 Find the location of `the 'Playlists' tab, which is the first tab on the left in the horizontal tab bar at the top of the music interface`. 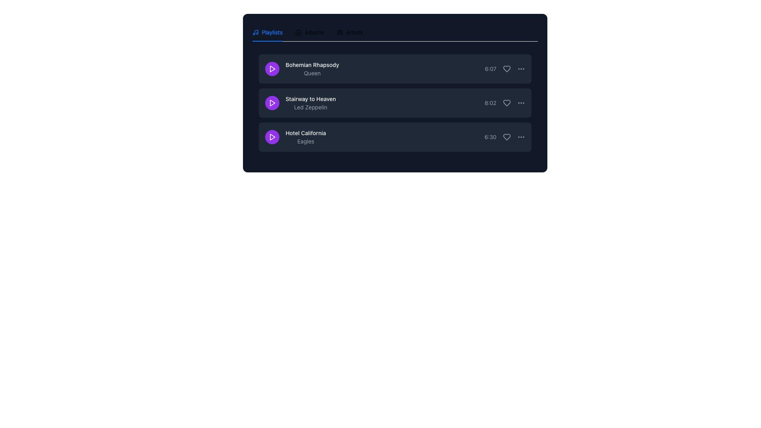

the 'Playlists' tab, which is the first tab on the left in the horizontal tab bar at the top of the music interface is located at coordinates (267, 32).